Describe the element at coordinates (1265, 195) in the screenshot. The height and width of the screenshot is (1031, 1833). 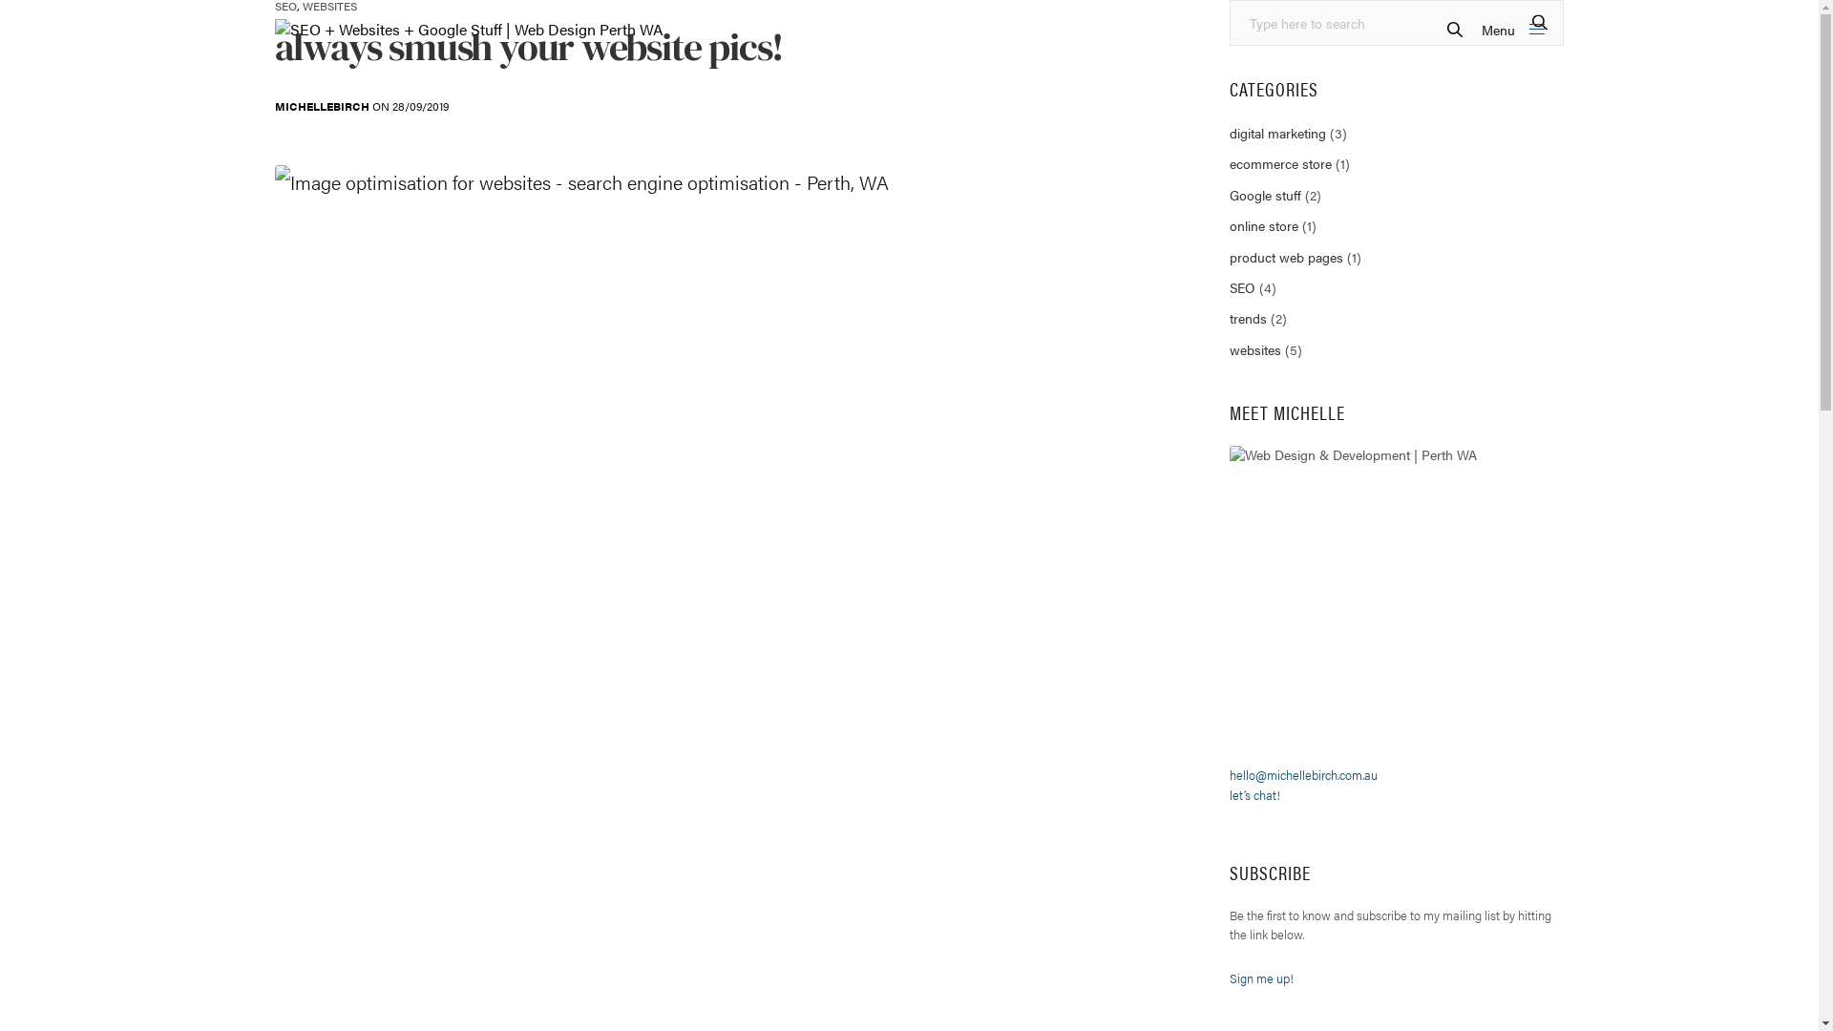
I see `'Google stuff'` at that location.